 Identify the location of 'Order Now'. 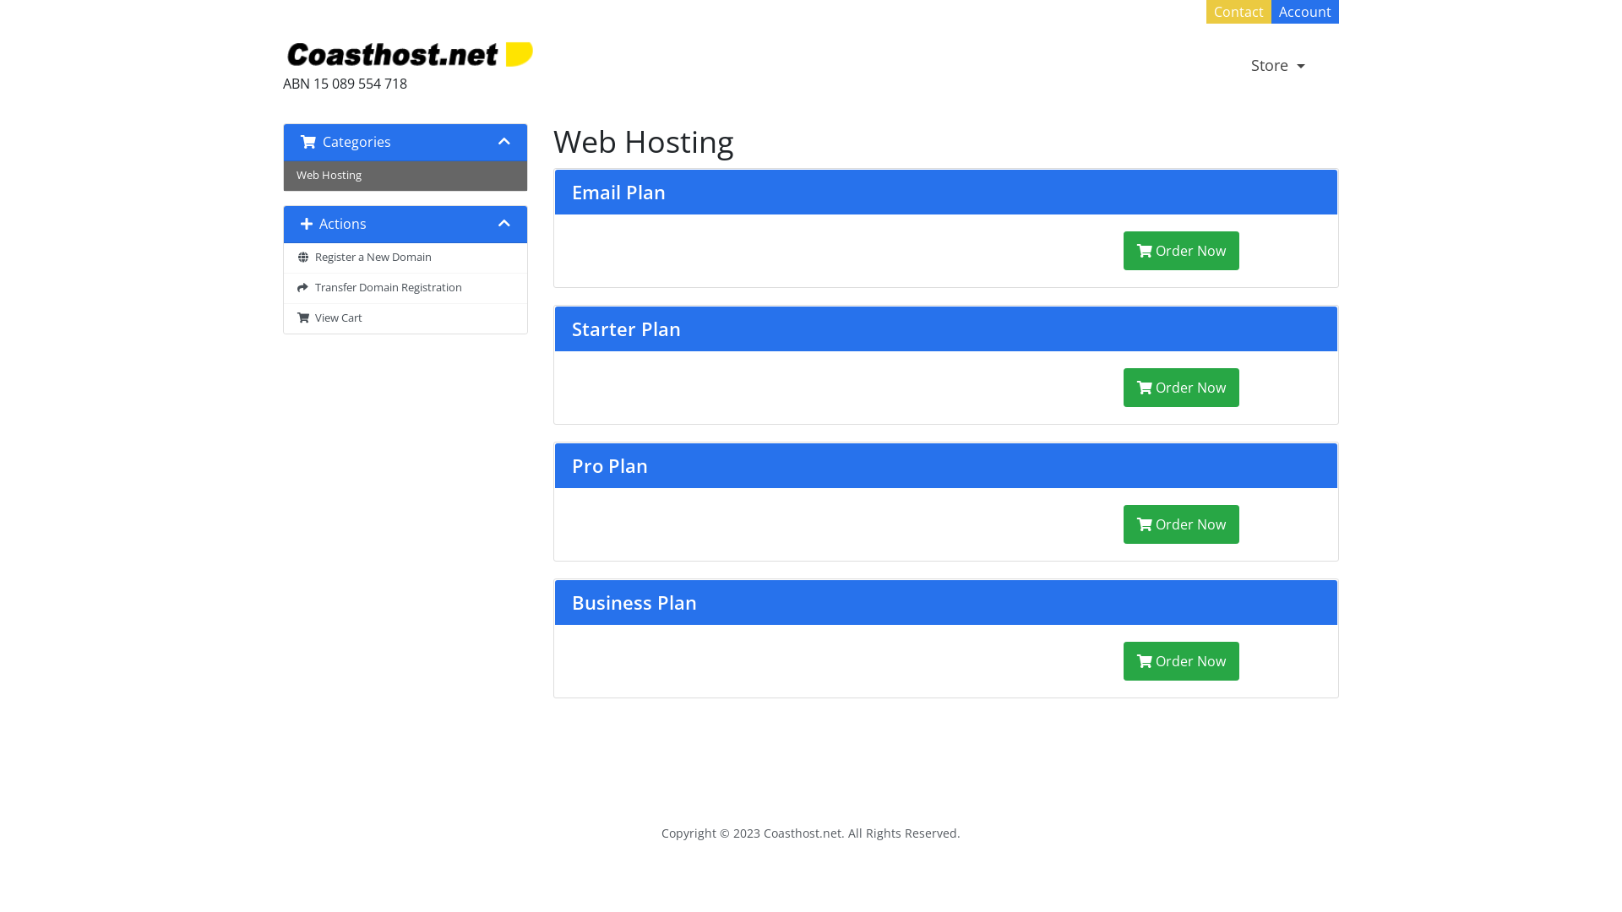
(1180, 388).